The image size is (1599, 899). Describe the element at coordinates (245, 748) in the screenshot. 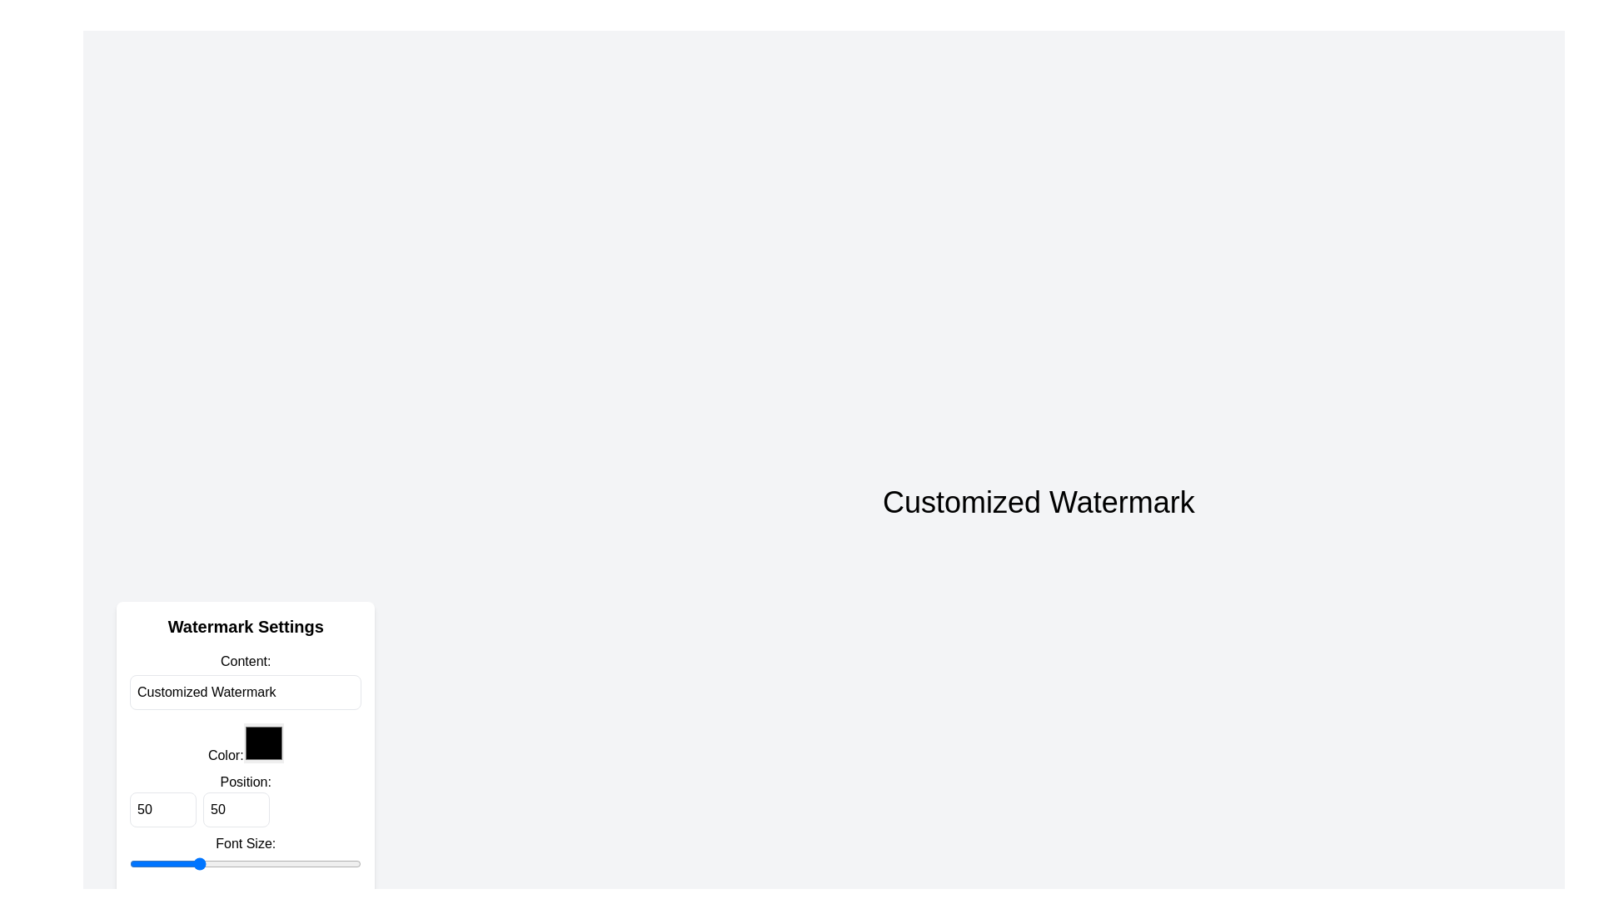

I see `from the center of the square color picker input field, which has a black background and is located under the 'Color:' label in the 'Watermark Settings' card` at that location.